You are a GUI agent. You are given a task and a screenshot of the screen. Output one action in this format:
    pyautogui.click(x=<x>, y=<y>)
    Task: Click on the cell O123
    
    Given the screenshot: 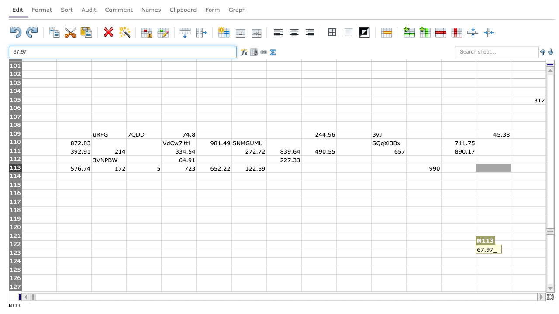 What is the action you would take?
    pyautogui.click(x=528, y=253)
    